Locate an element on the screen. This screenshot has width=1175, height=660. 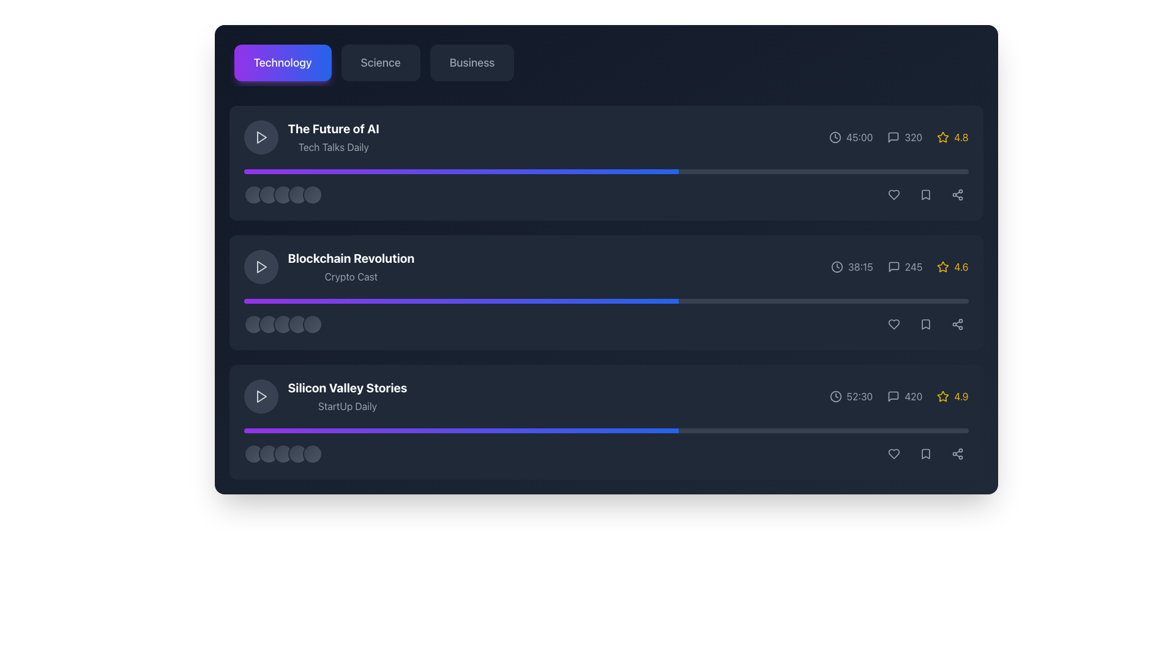
the circular outline within the clock icon is located at coordinates (837, 266).